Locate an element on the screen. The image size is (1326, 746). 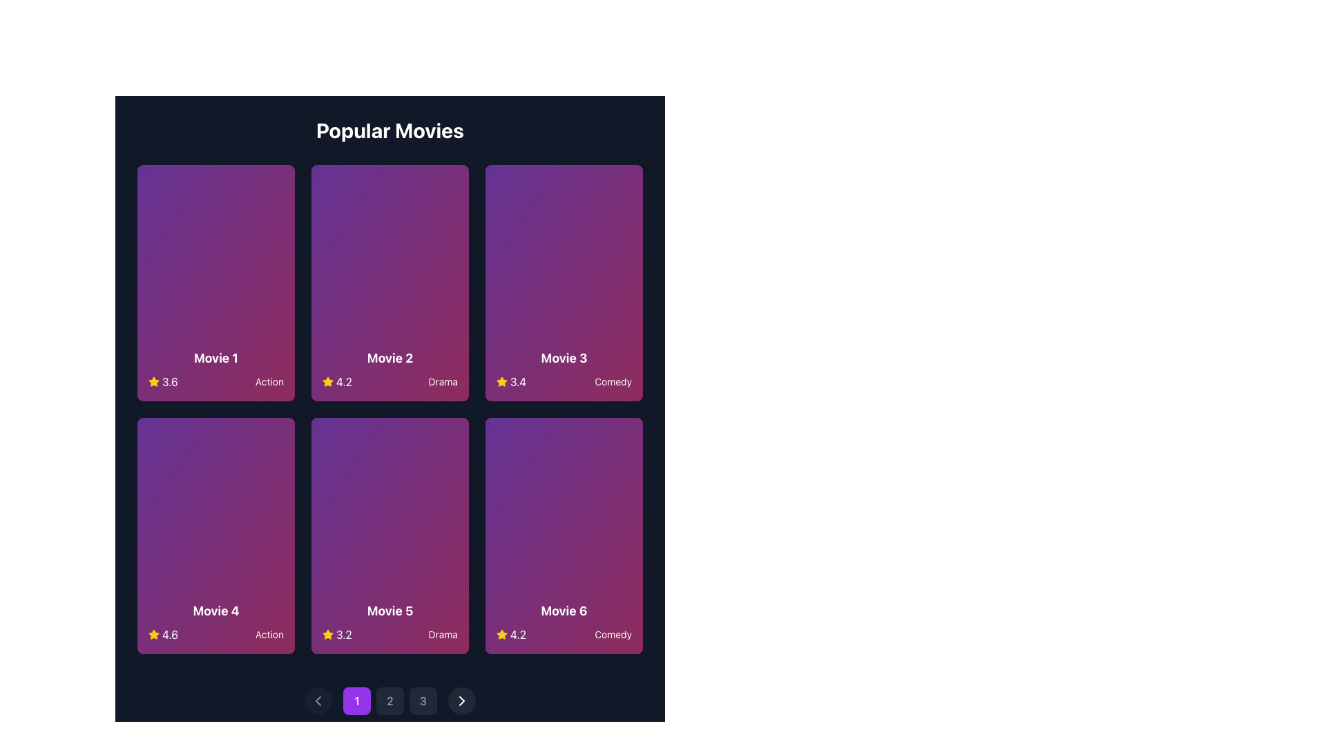
the movie card displaying the title, rating, and genre in the second column of the first row of the 'Popular Movies' grid layout is located at coordinates (390, 282).